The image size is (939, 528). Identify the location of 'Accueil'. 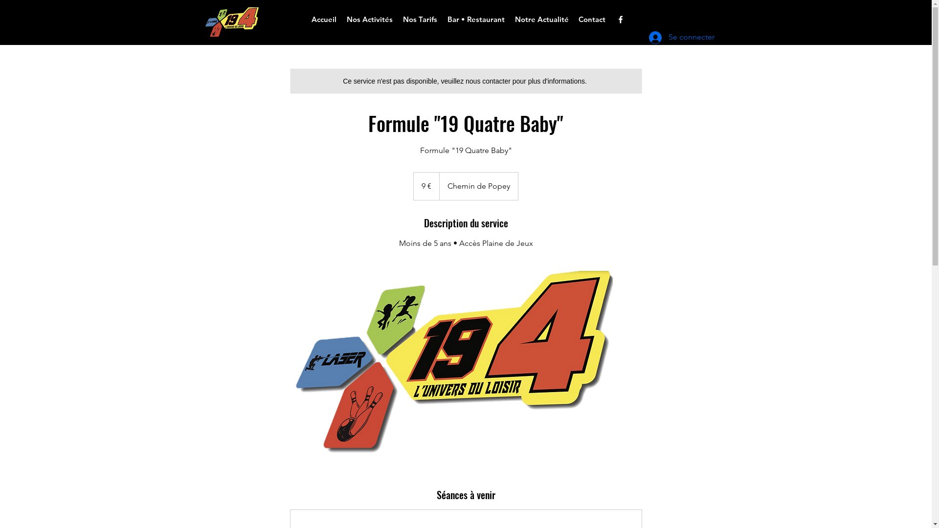
(324, 19).